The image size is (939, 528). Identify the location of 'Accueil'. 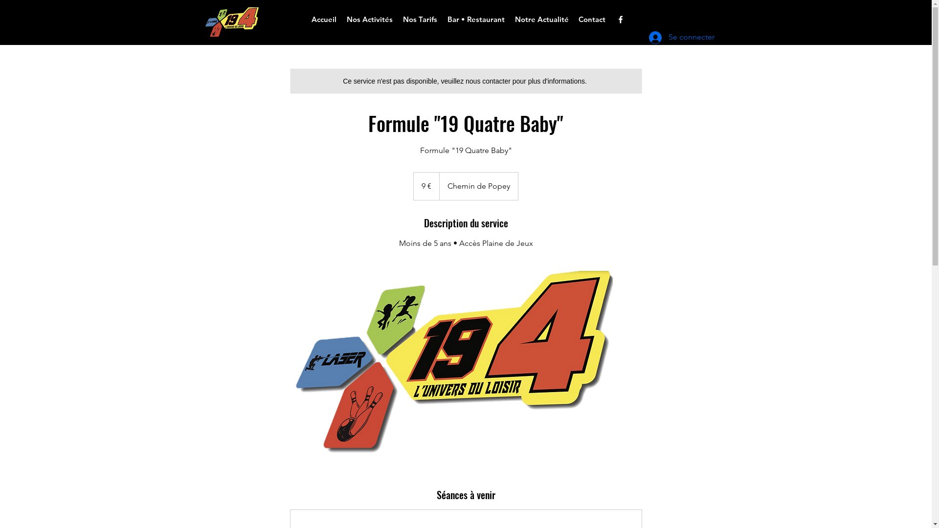
(324, 19).